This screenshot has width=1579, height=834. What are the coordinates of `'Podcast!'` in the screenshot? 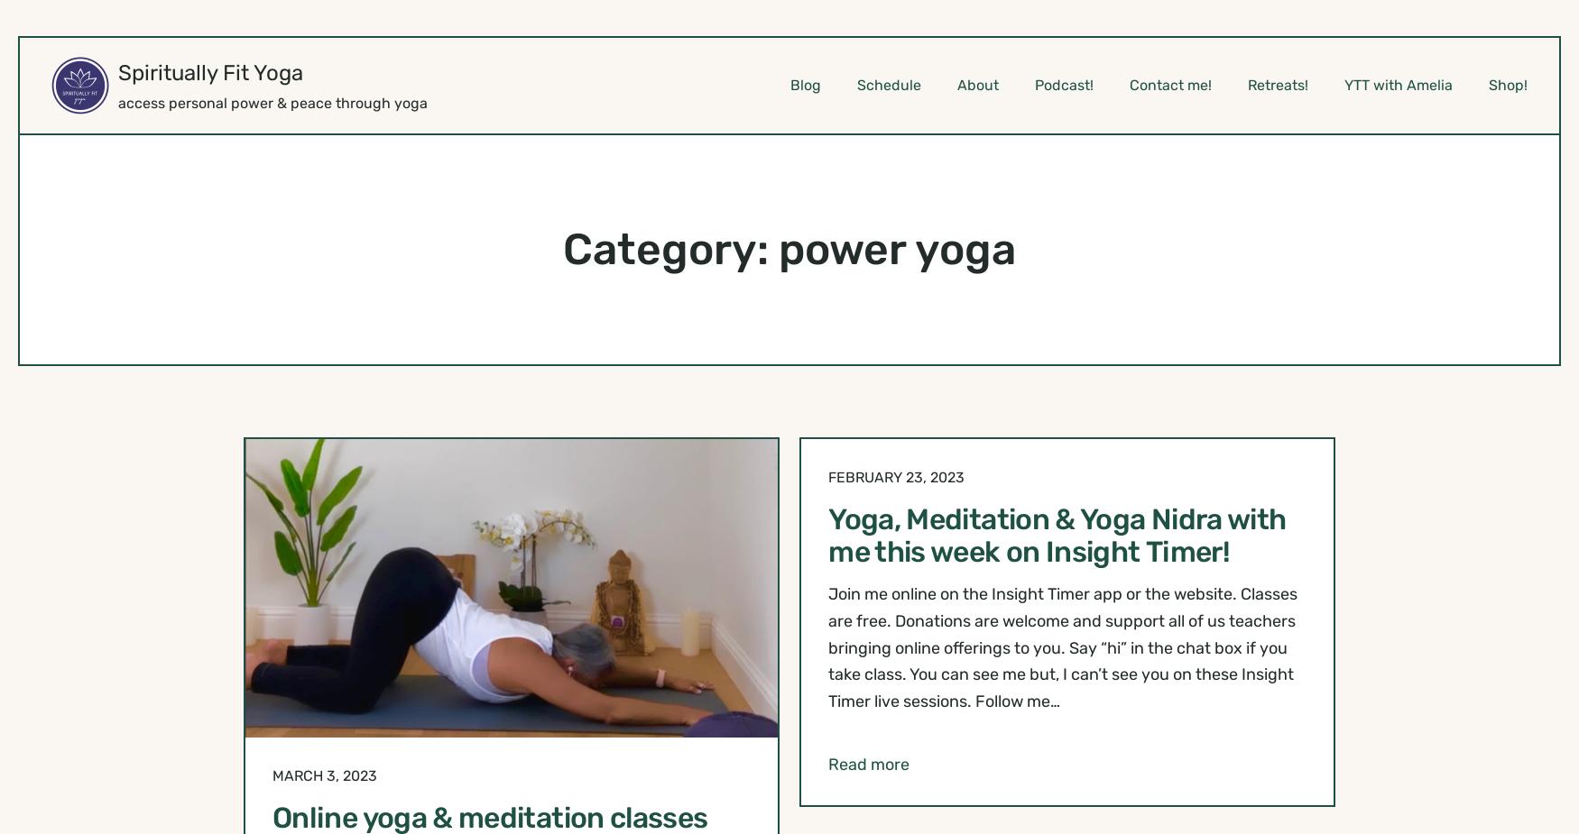 It's located at (1063, 83).